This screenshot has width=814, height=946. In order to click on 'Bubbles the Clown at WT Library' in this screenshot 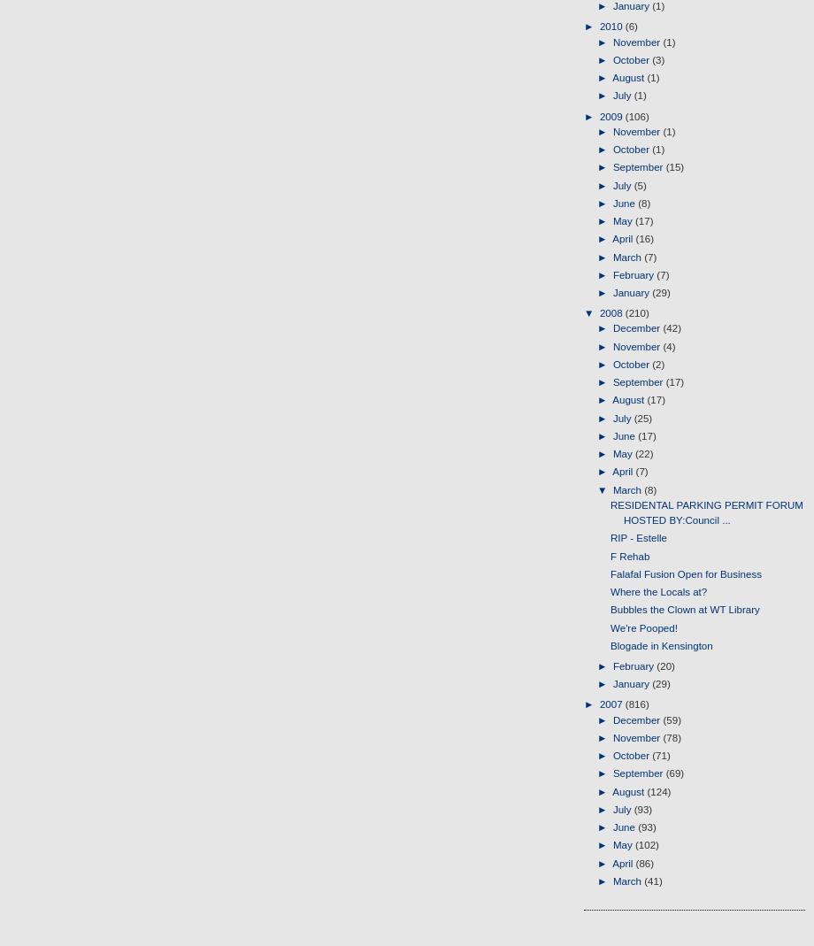, I will do `click(610, 608)`.